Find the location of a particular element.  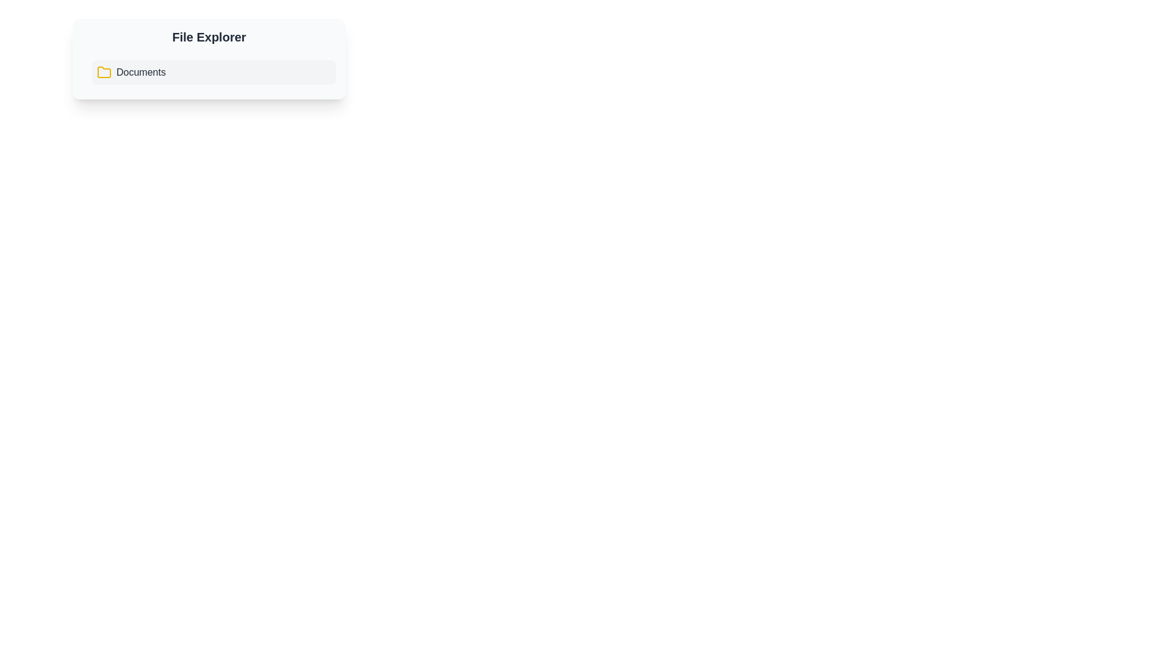

the bright yellow folder icon located to the left of the text labeled 'Documents' is located at coordinates (104, 73).